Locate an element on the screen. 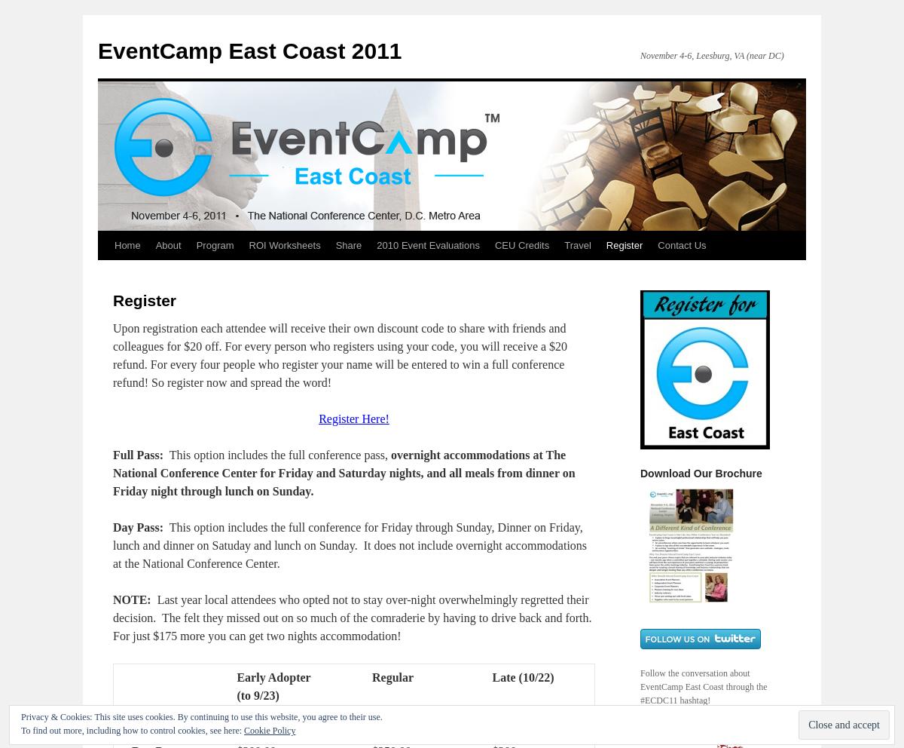 Image resolution: width=904 pixels, height=748 pixels. 'Cookie Policy' is located at coordinates (269, 730).